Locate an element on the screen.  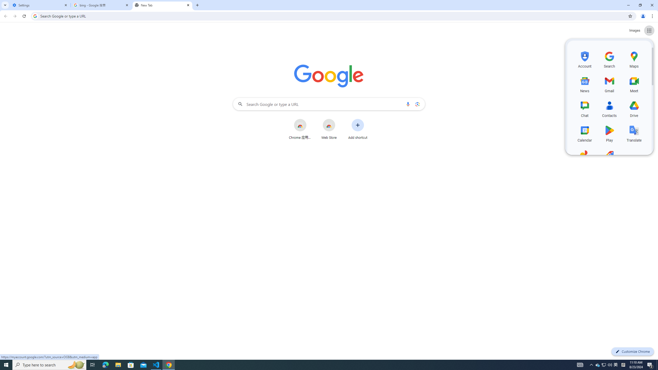
'Gmail, row 2 of 5 and column 2 of 3 in the first section' is located at coordinates (609, 84).